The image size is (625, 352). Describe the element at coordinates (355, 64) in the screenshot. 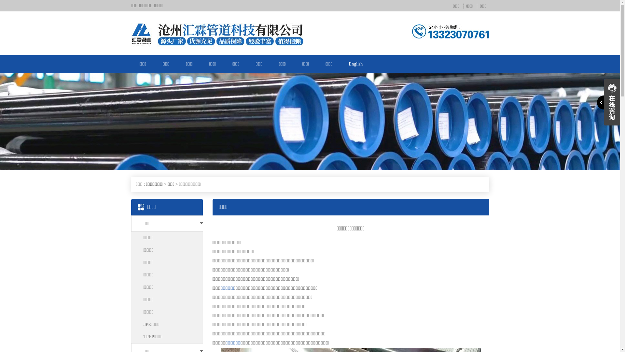

I see `'English'` at that location.